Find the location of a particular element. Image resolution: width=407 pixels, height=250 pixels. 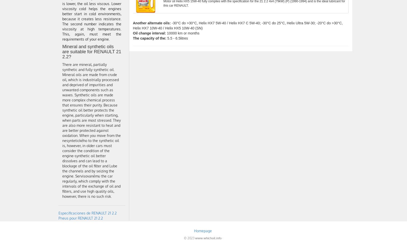

'10000 km or  months' is located at coordinates (182, 33).